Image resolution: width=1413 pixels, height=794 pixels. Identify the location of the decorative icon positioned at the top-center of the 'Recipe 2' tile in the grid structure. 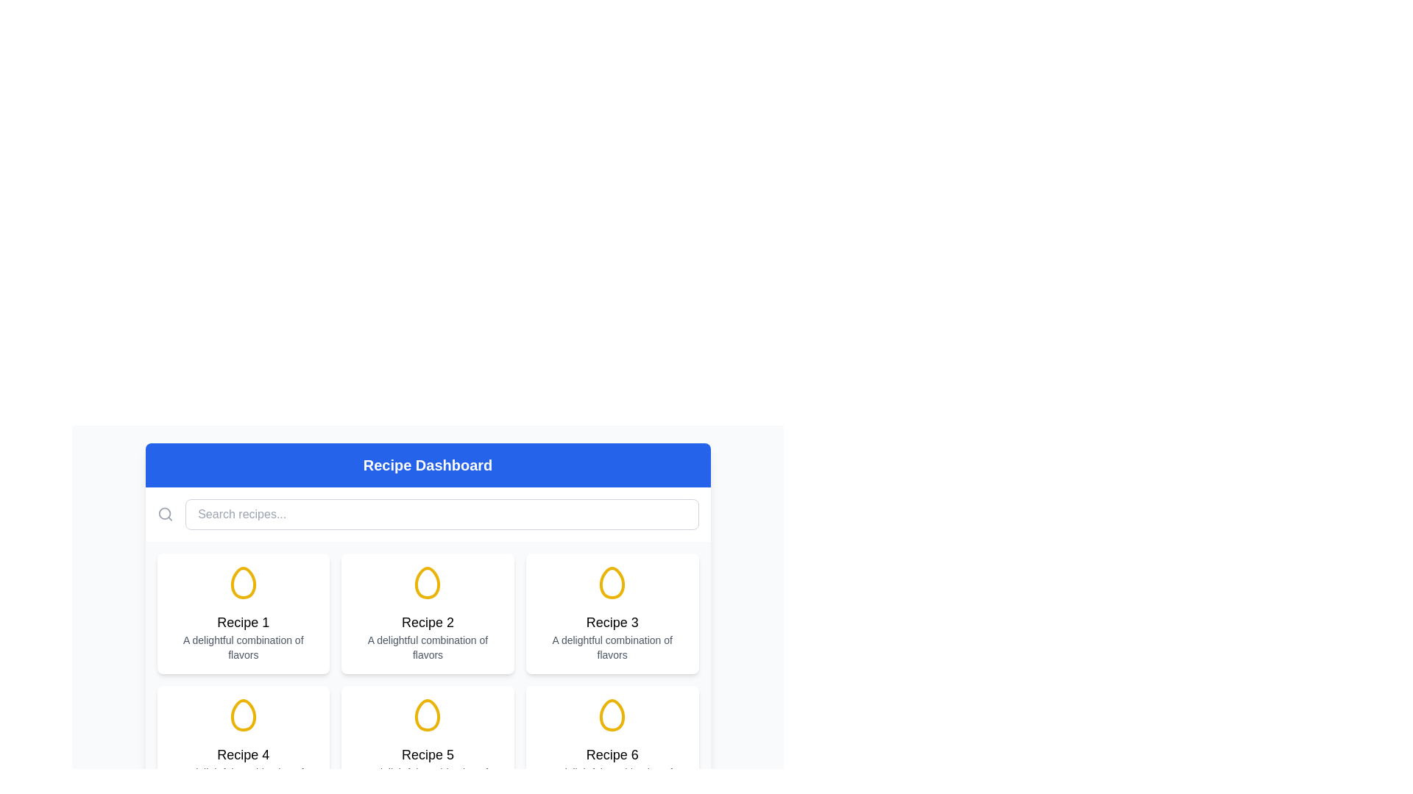
(427, 582).